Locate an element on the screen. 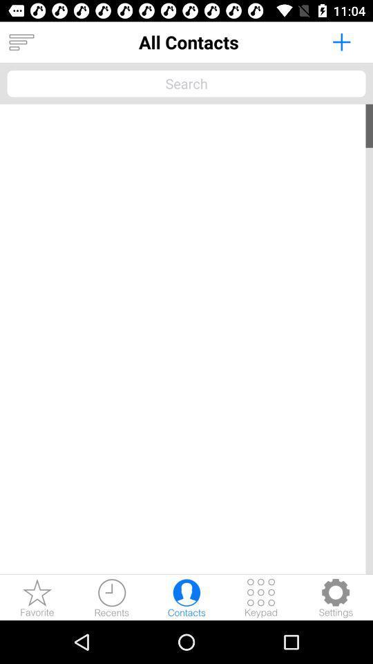 This screenshot has width=373, height=664. phone contacts is located at coordinates (37, 597).